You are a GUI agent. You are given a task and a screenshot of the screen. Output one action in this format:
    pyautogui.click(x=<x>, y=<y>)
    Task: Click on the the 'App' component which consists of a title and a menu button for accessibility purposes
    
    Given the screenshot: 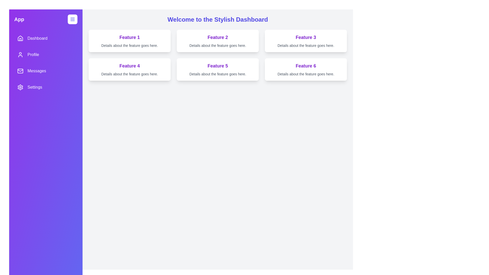 What is the action you would take?
    pyautogui.click(x=46, y=19)
    